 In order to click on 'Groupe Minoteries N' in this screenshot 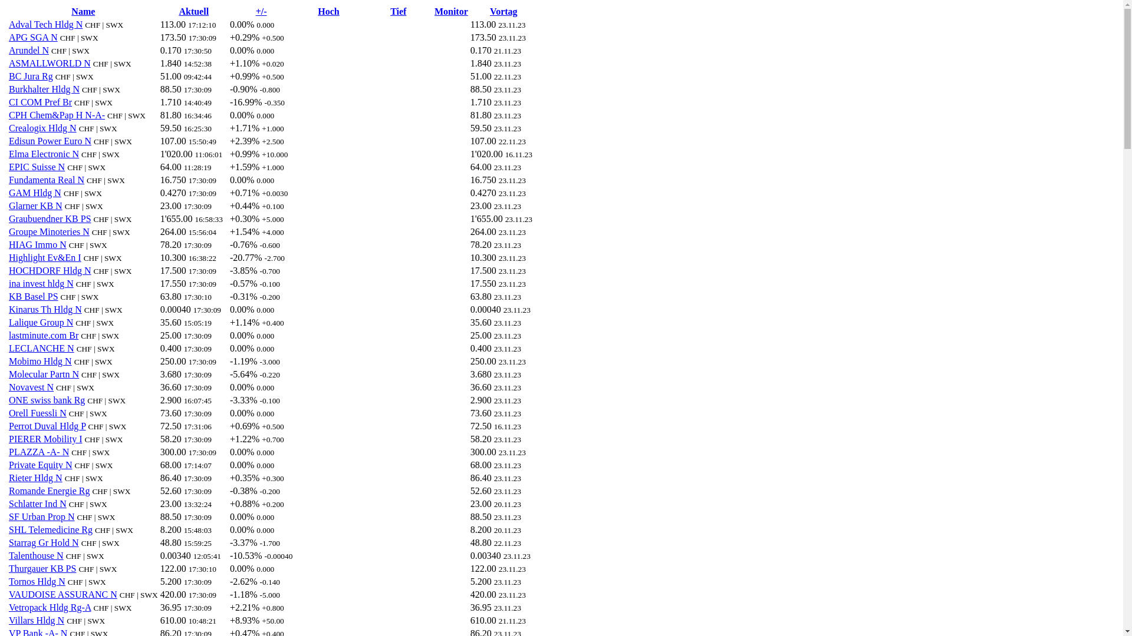, I will do `click(48, 231)`.